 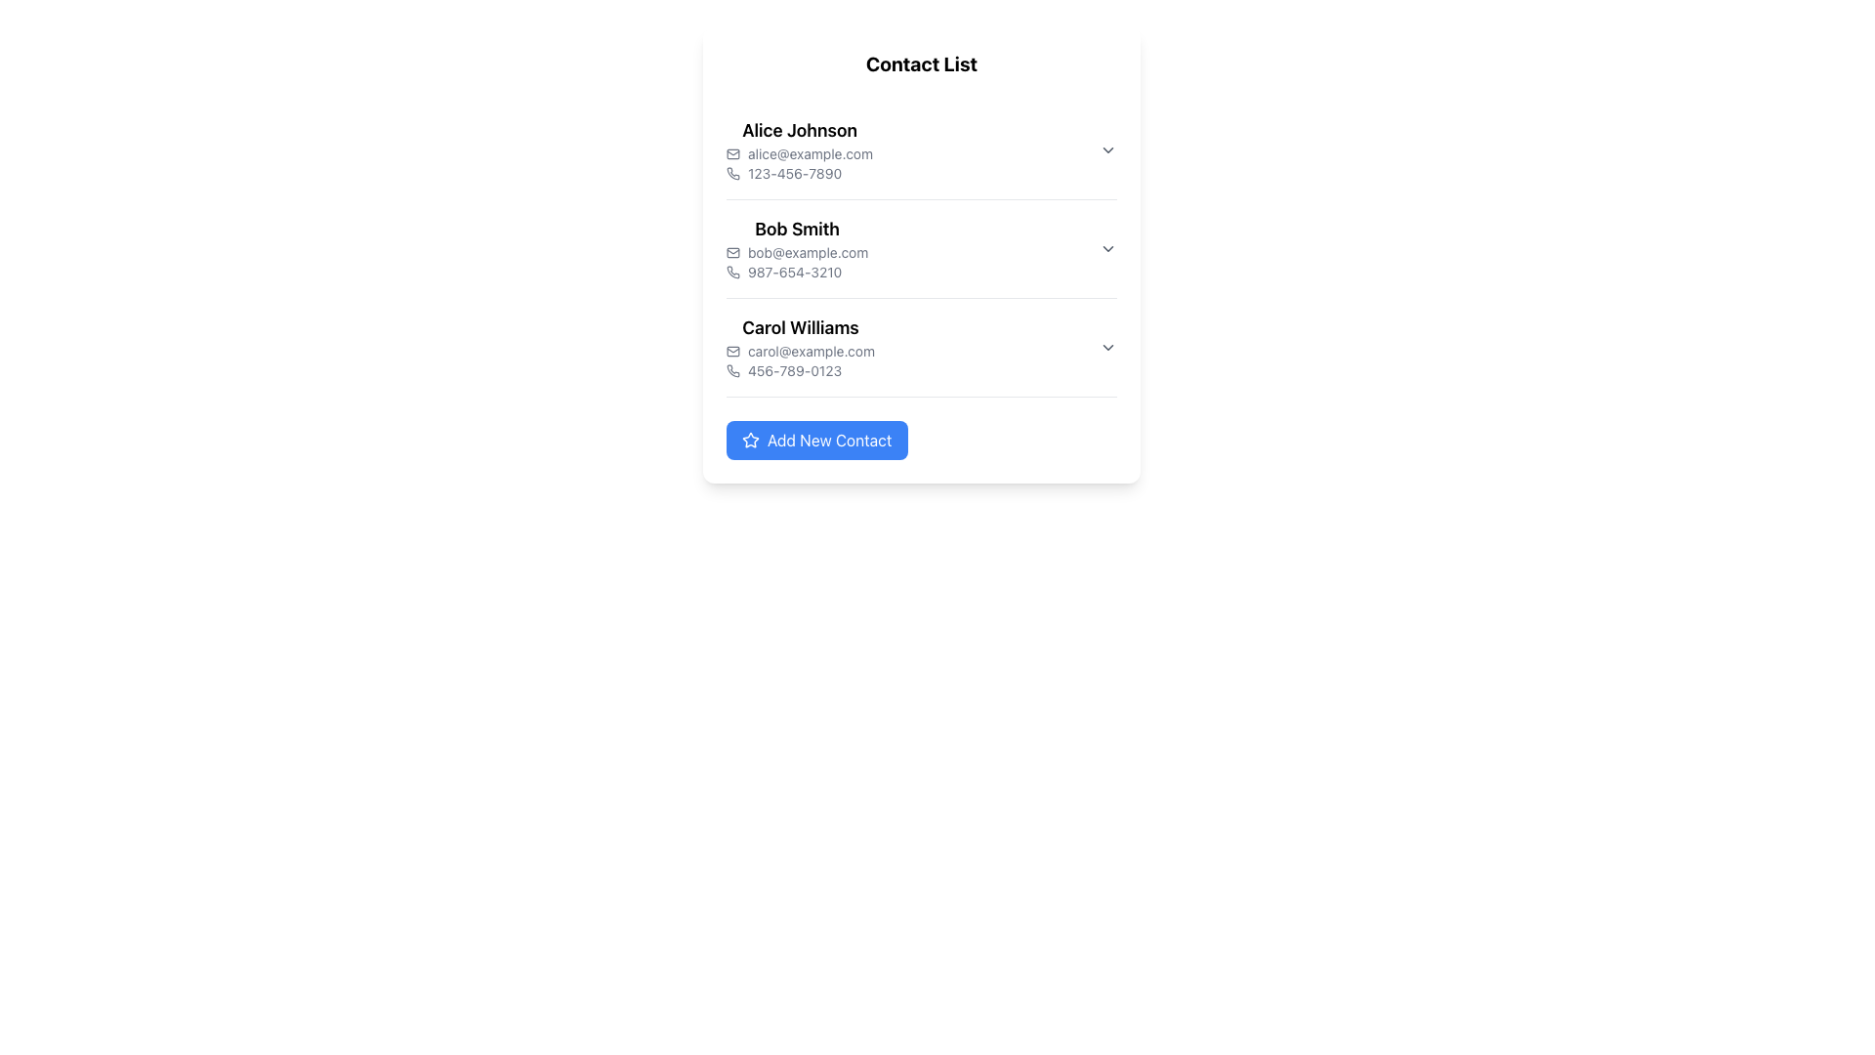 I want to click on name displayed for the contact 'Bob Smith', which is located in the second position within a list of contact entries, above the email address 'bob@example.com', so click(x=797, y=229).